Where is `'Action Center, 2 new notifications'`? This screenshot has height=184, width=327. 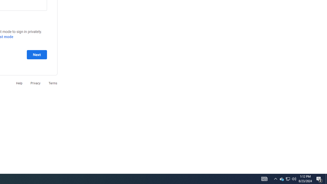
'Action Center, 2 new notifications' is located at coordinates (319, 178).